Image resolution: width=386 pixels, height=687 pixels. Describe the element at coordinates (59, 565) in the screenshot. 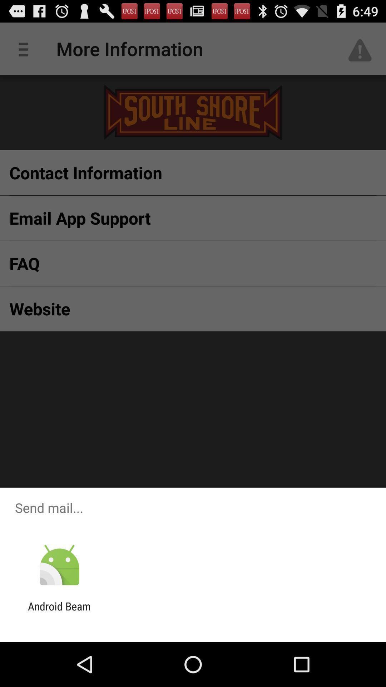

I see `item below send mail... icon` at that location.